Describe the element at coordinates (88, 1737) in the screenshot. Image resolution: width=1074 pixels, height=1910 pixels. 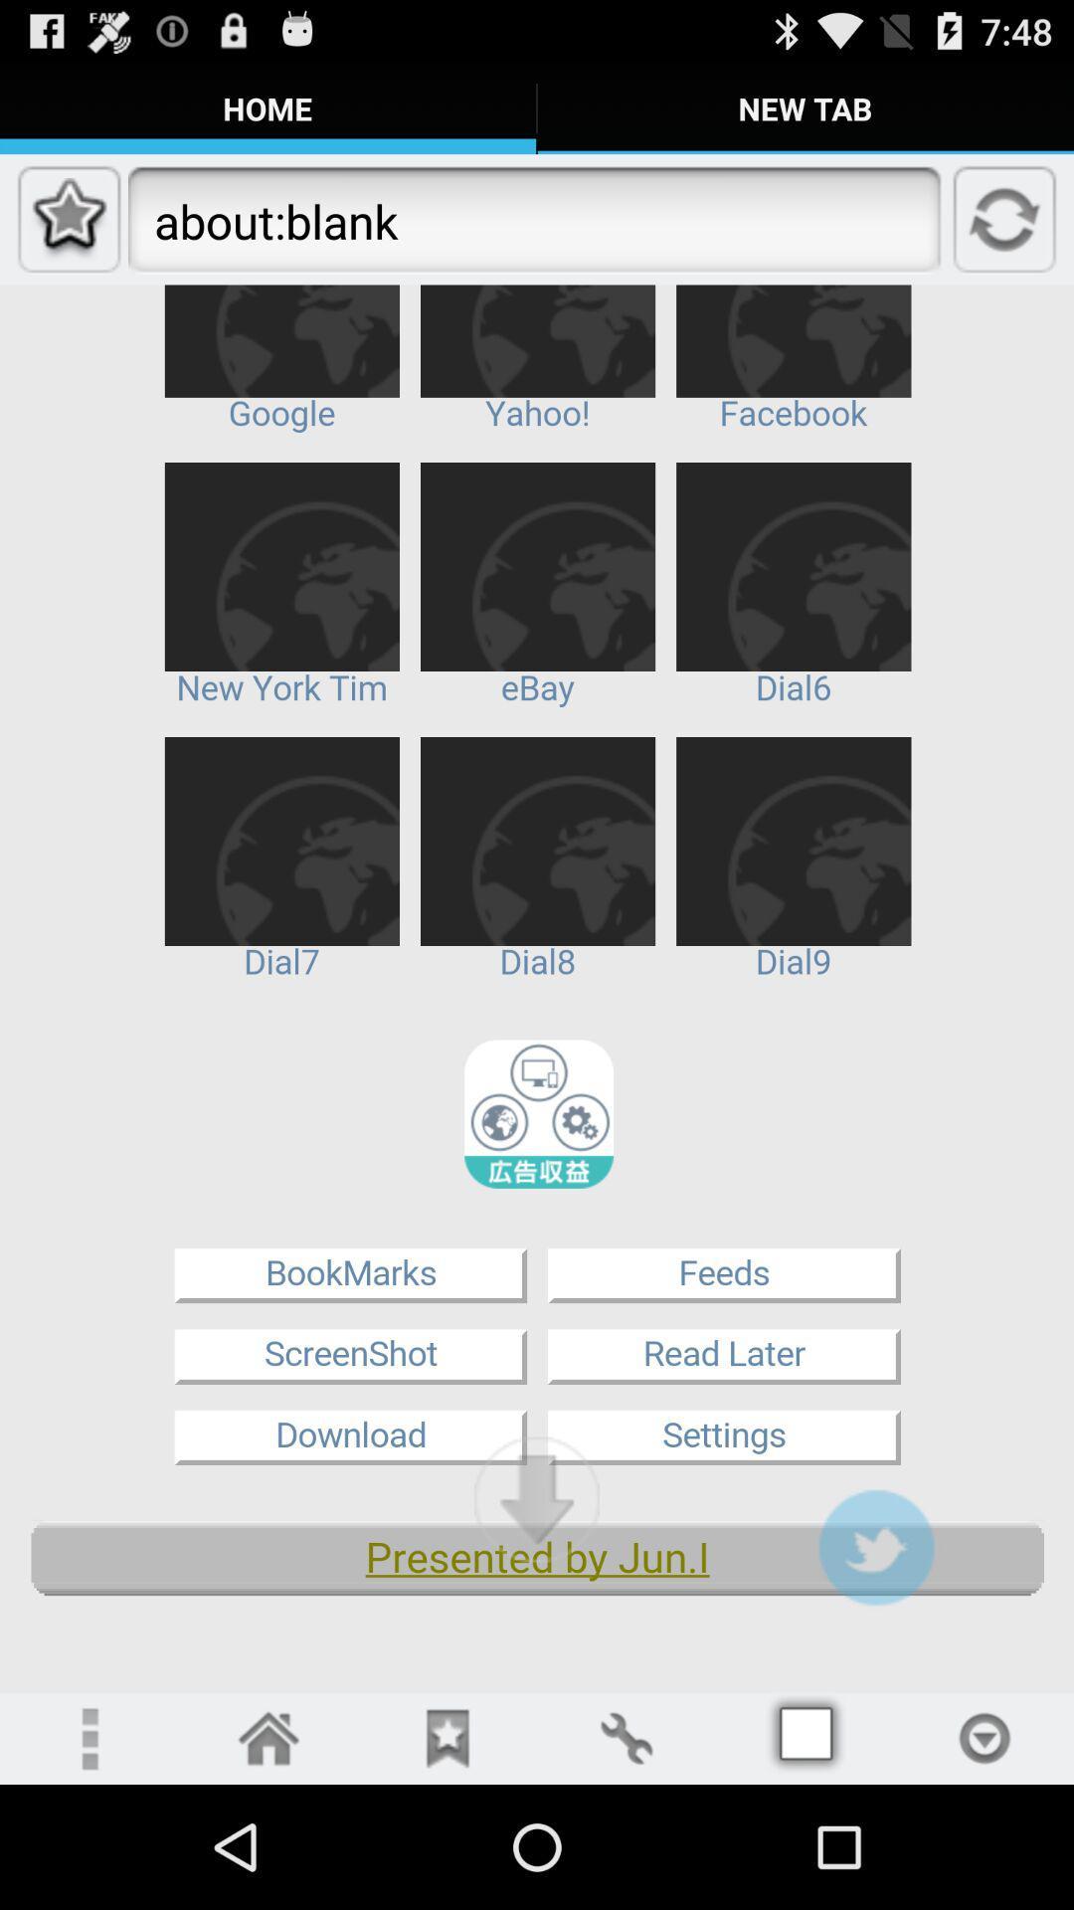
I see `menu with additional options` at that location.